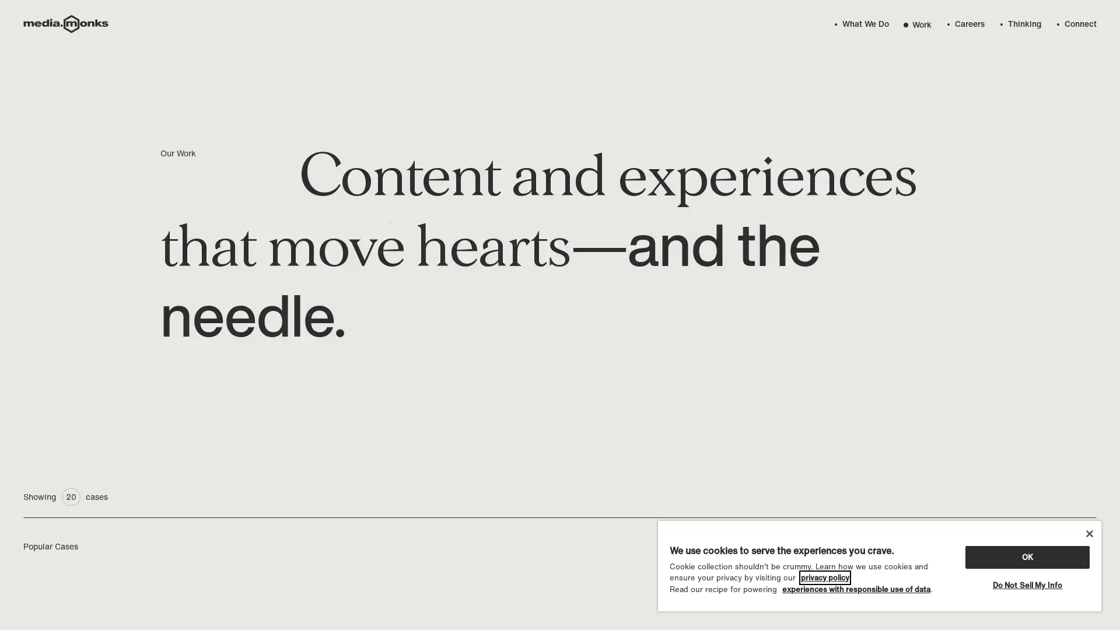 The width and height of the screenshot is (1120, 630). What do you see at coordinates (1027, 556) in the screenshot?
I see `OK` at bounding box center [1027, 556].